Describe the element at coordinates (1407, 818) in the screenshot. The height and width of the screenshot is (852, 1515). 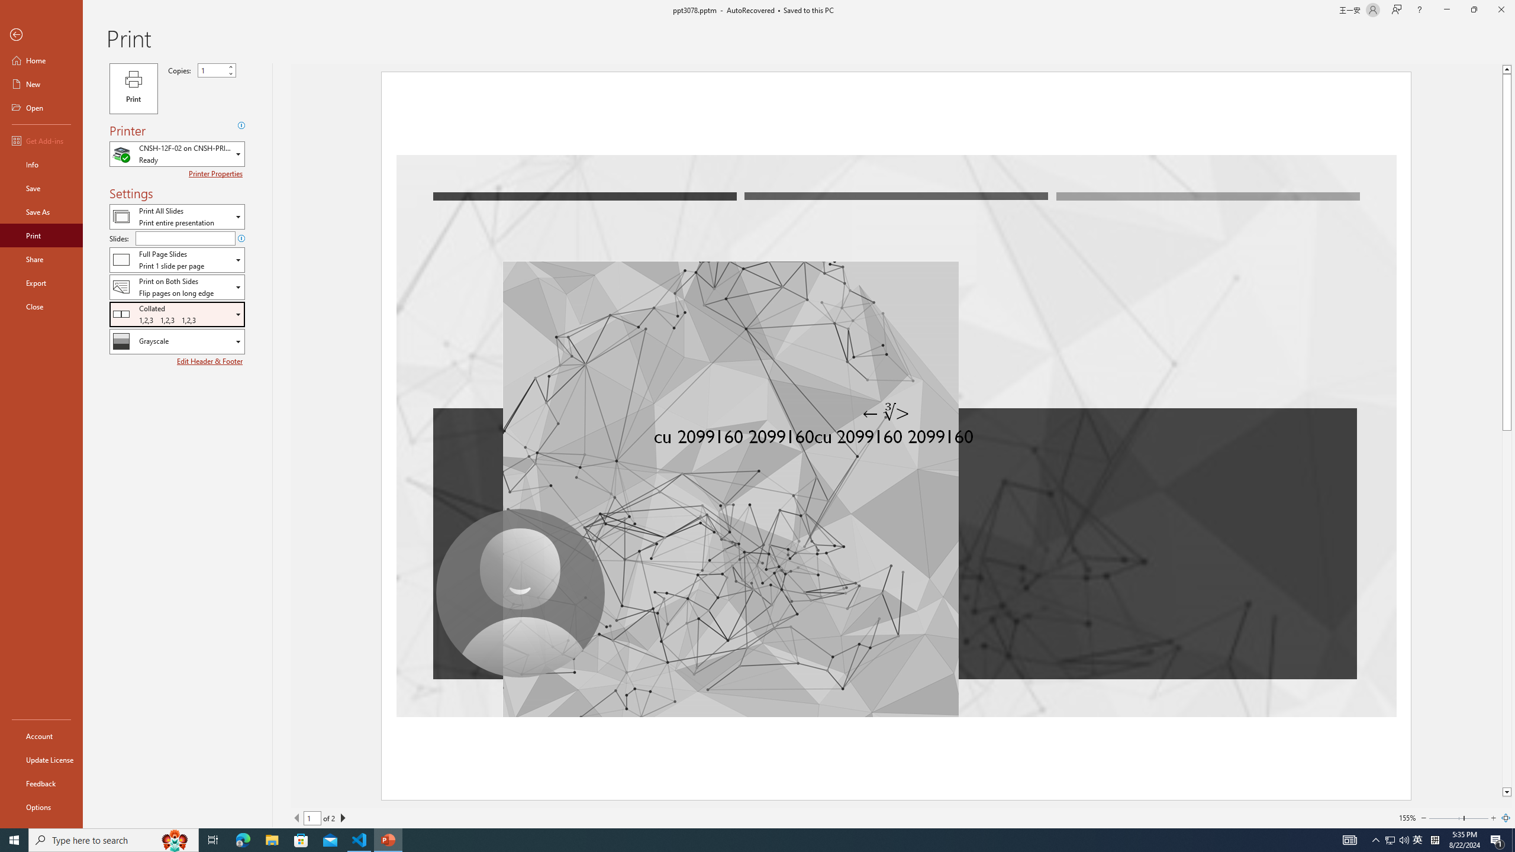
I see `'155%'` at that location.